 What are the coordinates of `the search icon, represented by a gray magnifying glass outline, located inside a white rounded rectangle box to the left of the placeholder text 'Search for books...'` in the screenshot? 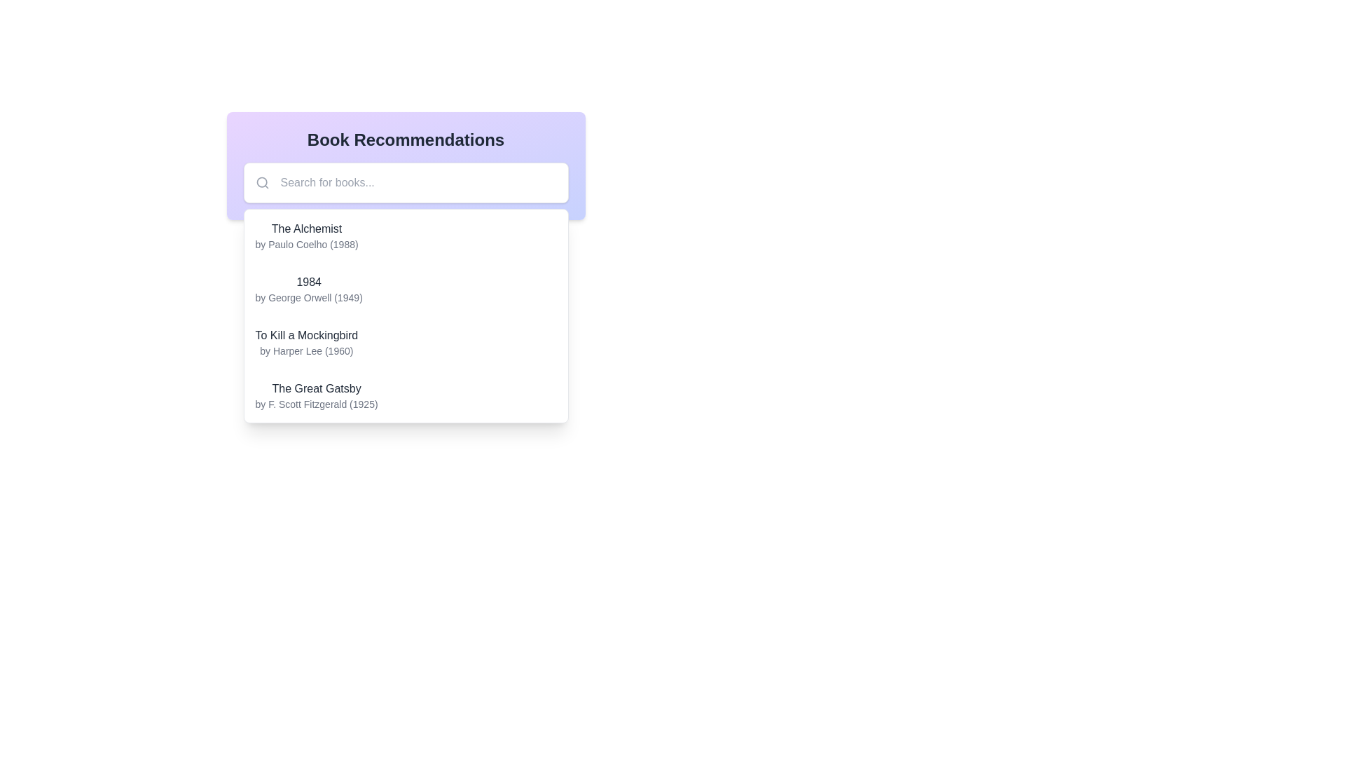 It's located at (262, 182).